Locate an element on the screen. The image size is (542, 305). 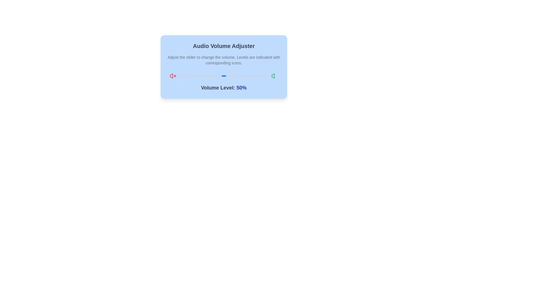
the volume slider to set the volume to 40% is located at coordinates (215, 76).